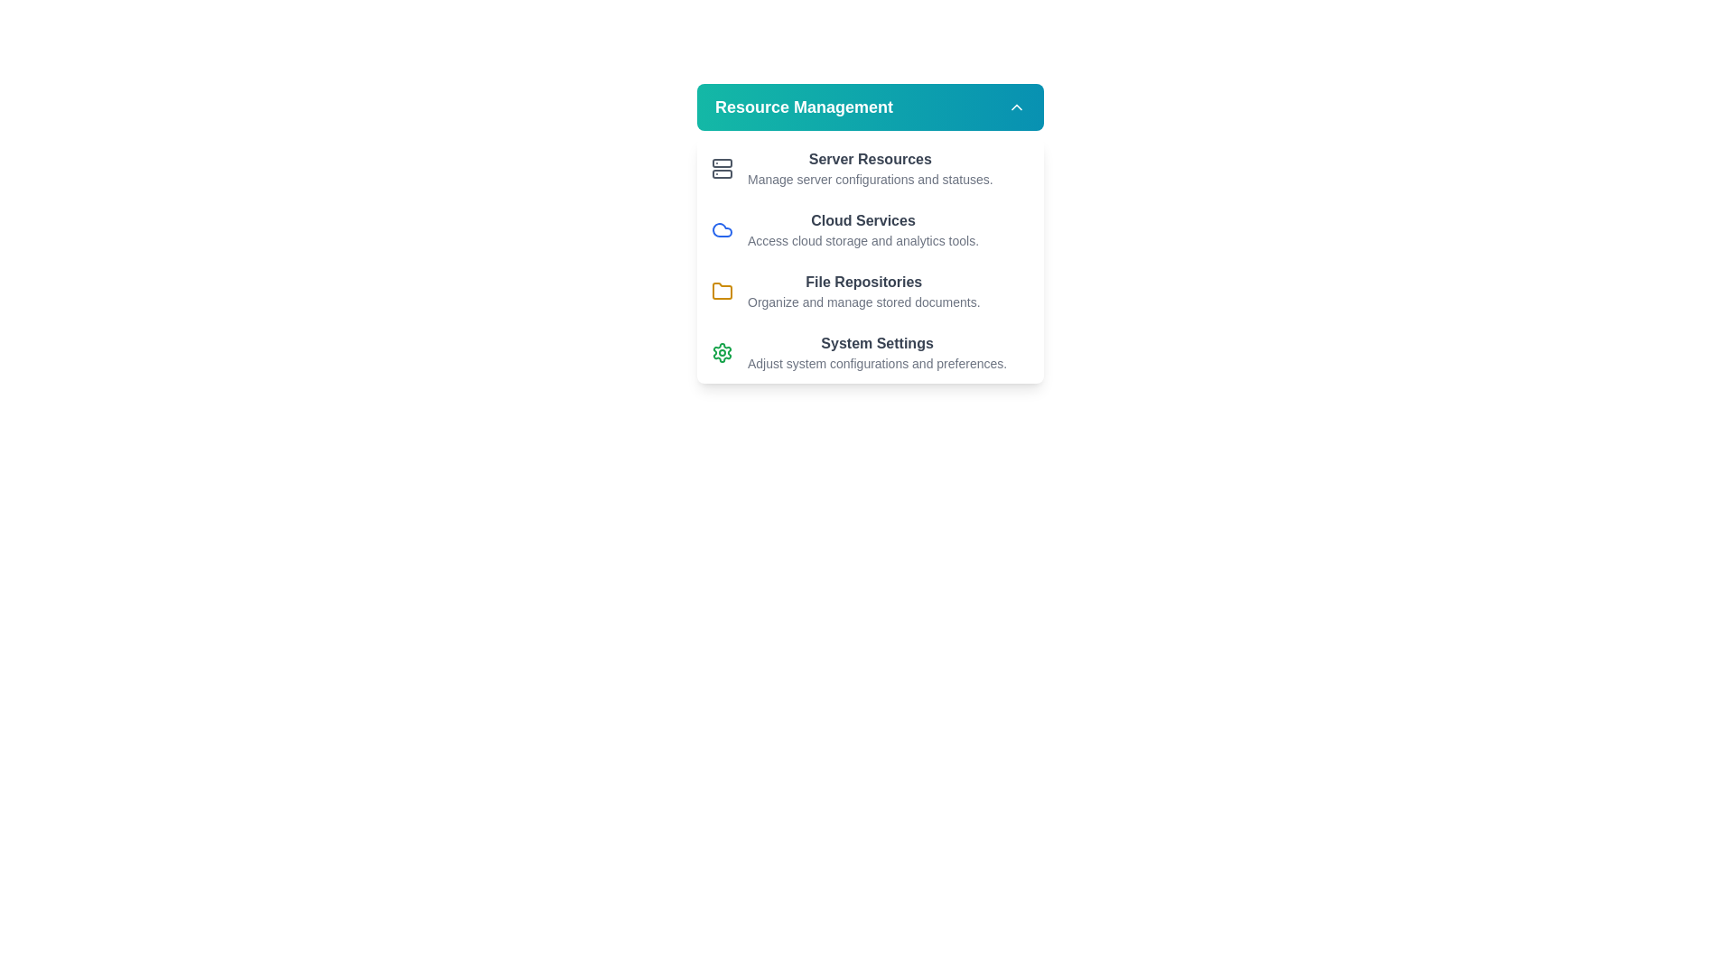  Describe the element at coordinates (870, 168) in the screenshot. I see `the topmost textual menu item under the 'Resource Management' header` at that location.